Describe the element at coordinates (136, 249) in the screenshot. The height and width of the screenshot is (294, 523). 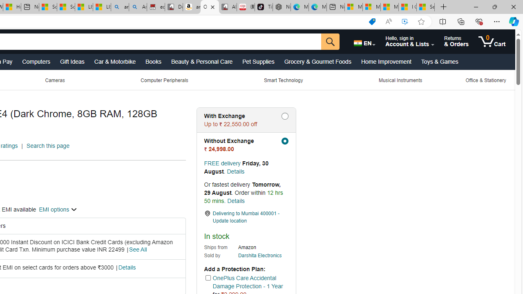
I see `'|See All'` at that location.